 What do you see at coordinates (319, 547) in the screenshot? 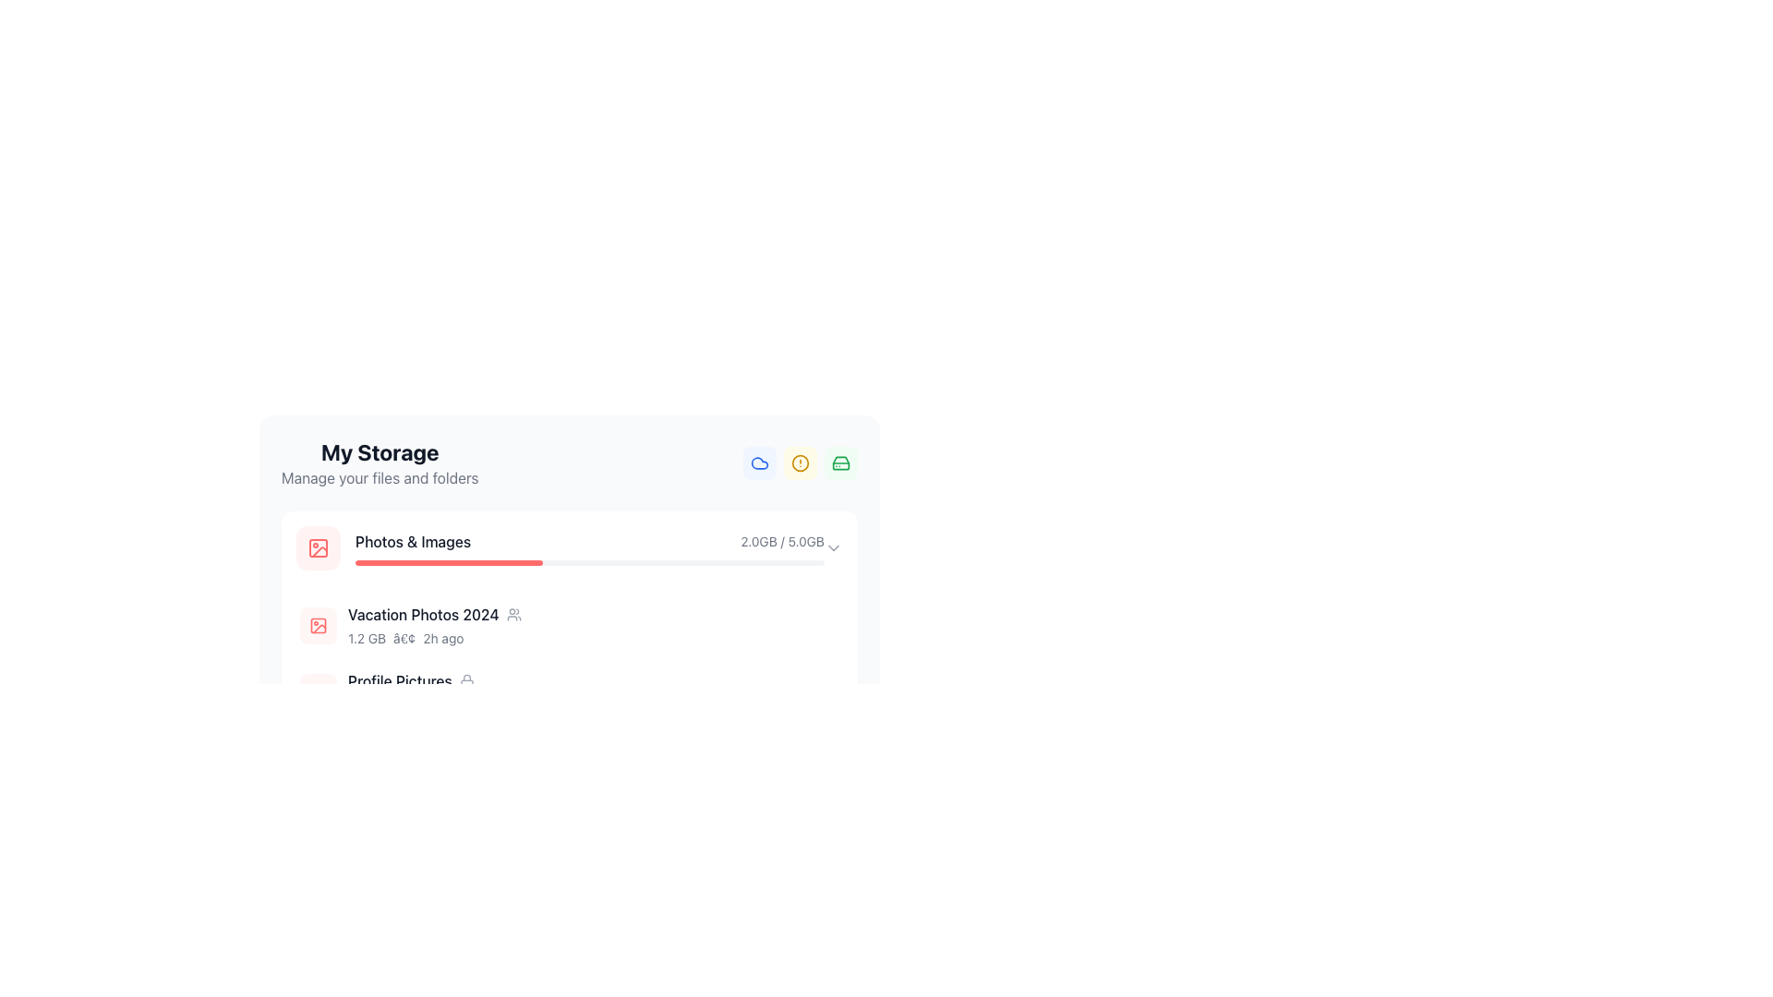
I see `the square-shaped icon with a red pictogram of an image, located in the top-left corner of the 'Photos & Images' list` at bounding box center [319, 547].